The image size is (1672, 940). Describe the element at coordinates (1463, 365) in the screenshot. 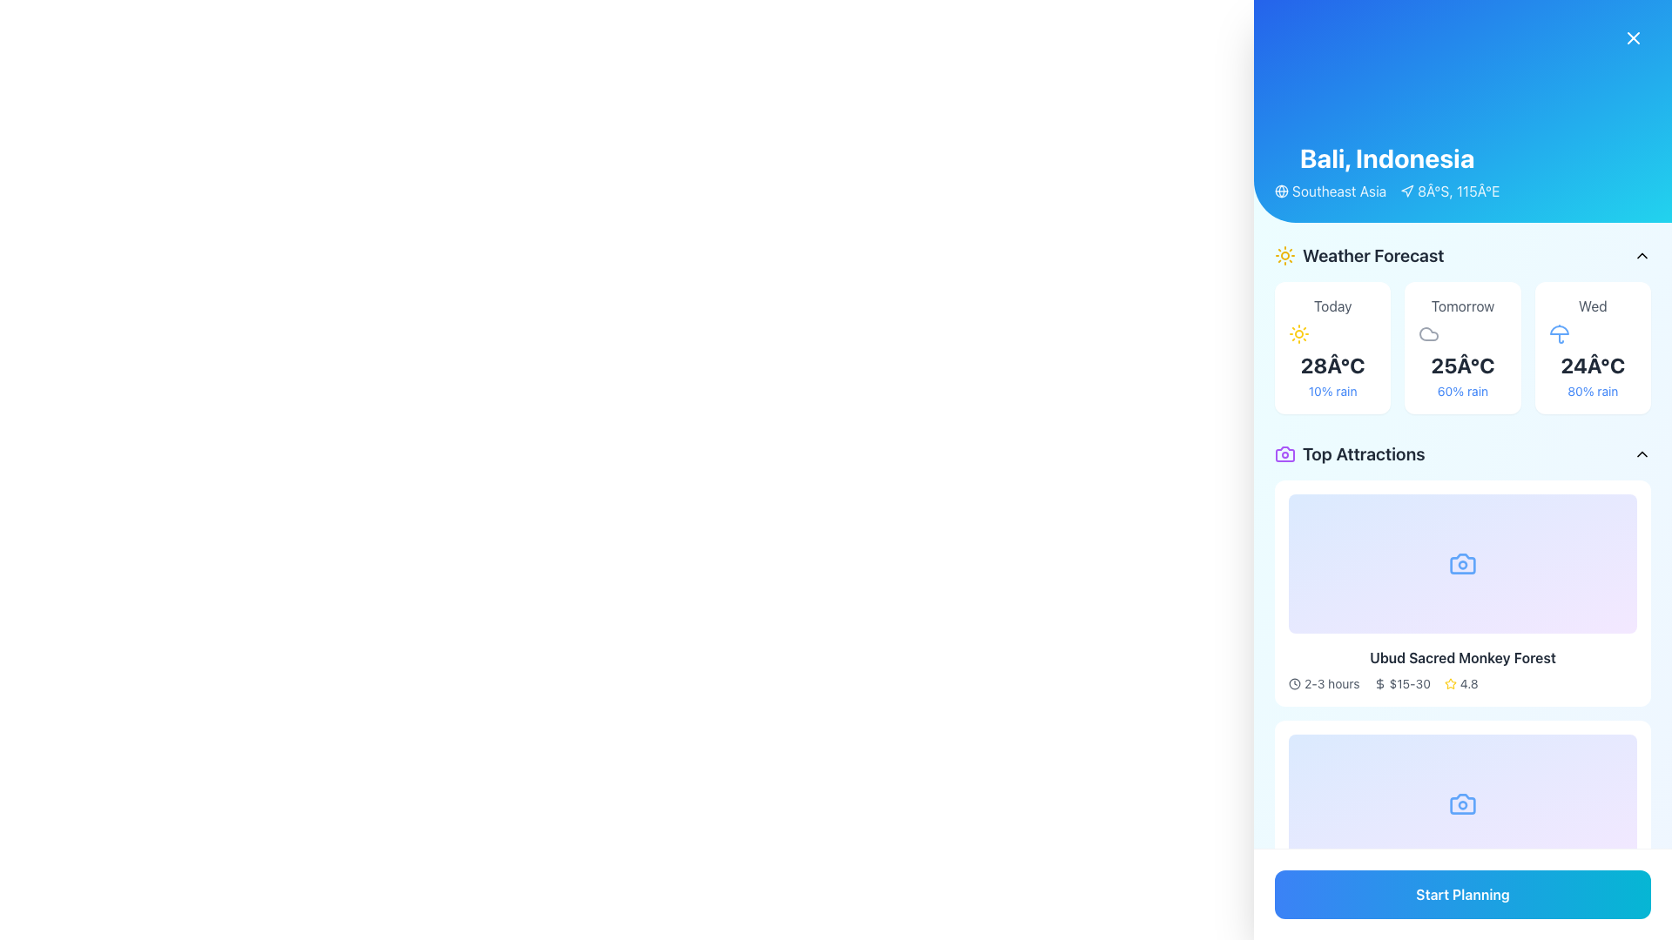

I see `the Static Text Label that displays tomorrow's temperature in degrees Celsius, located in the middle of the 'Tomorrow' weather forecast card, positioned above '60% rain' and below a cloud icon` at that location.